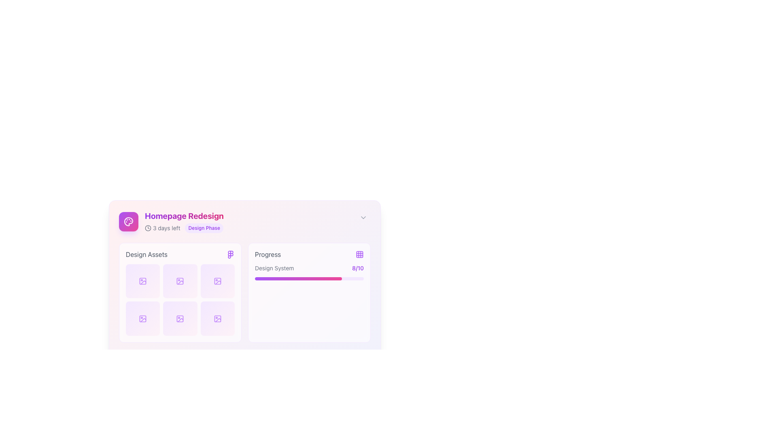  Describe the element at coordinates (143, 281) in the screenshot. I see `the design asset icon located in the first position of the grid structure within the 'Design Assets' section, which is represented by a rounded square with a gradient background` at that location.